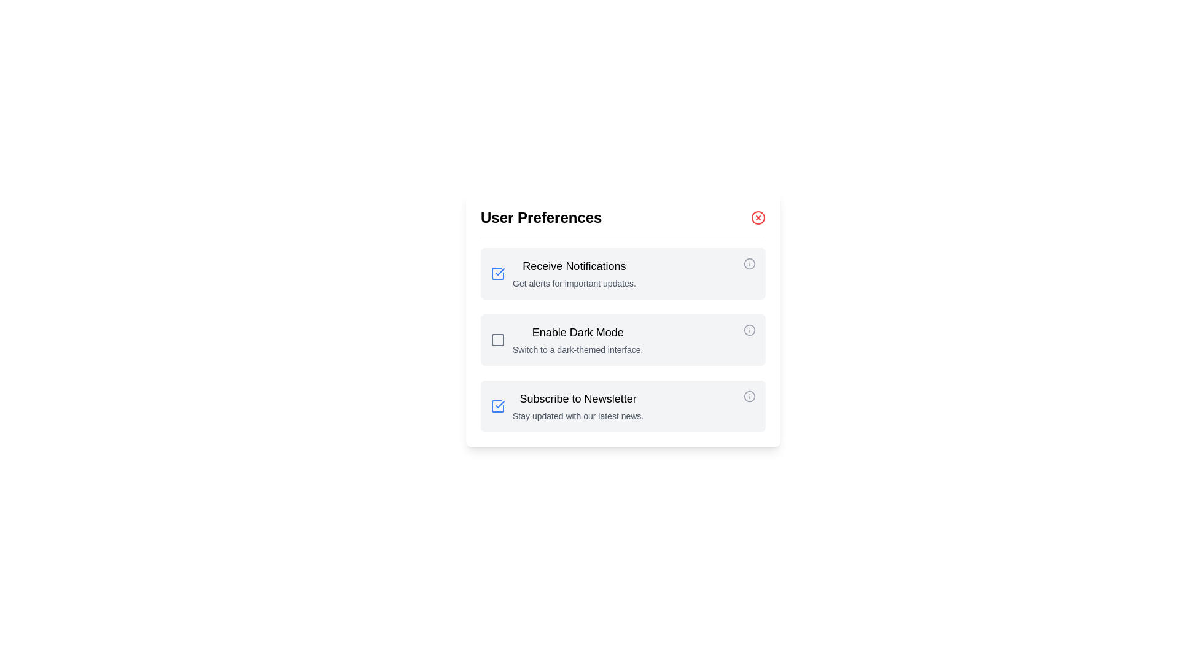 The image size is (1179, 663). I want to click on the text label that serves as a title for the adjacent checkbox, which is positioned above the 'Switch to a dark-themed interface.' text, so click(577, 333).